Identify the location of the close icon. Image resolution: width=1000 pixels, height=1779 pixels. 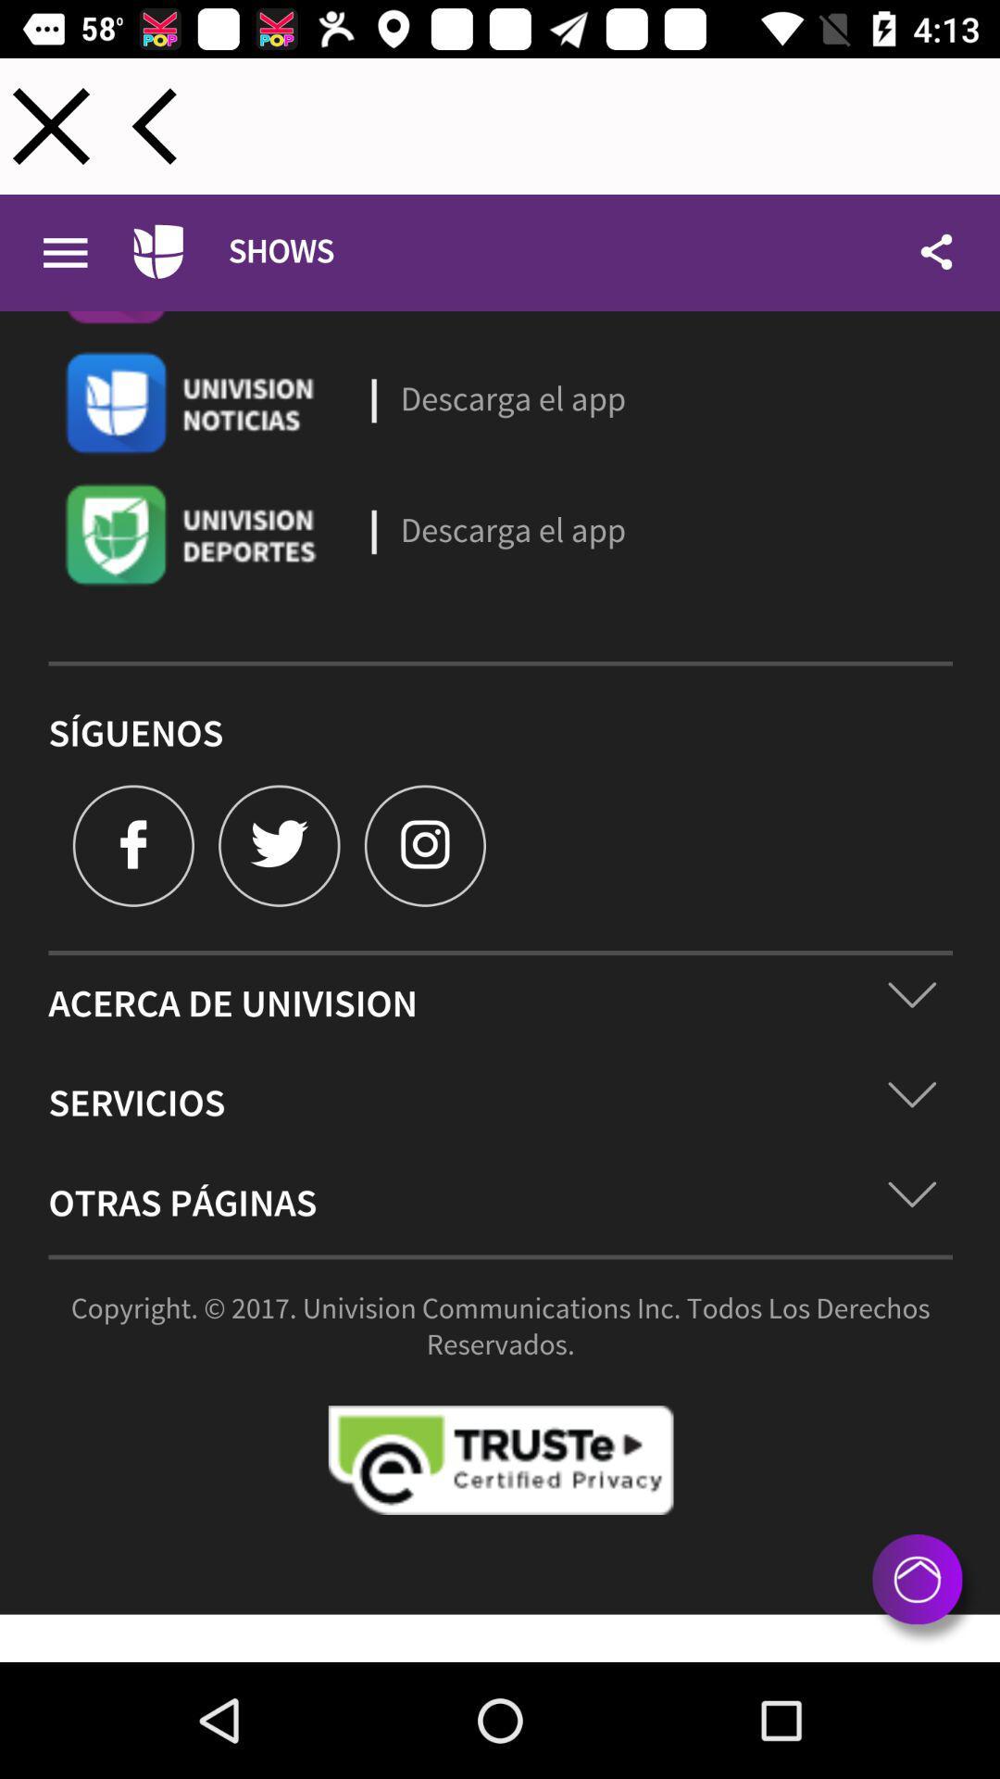
(50, 125).